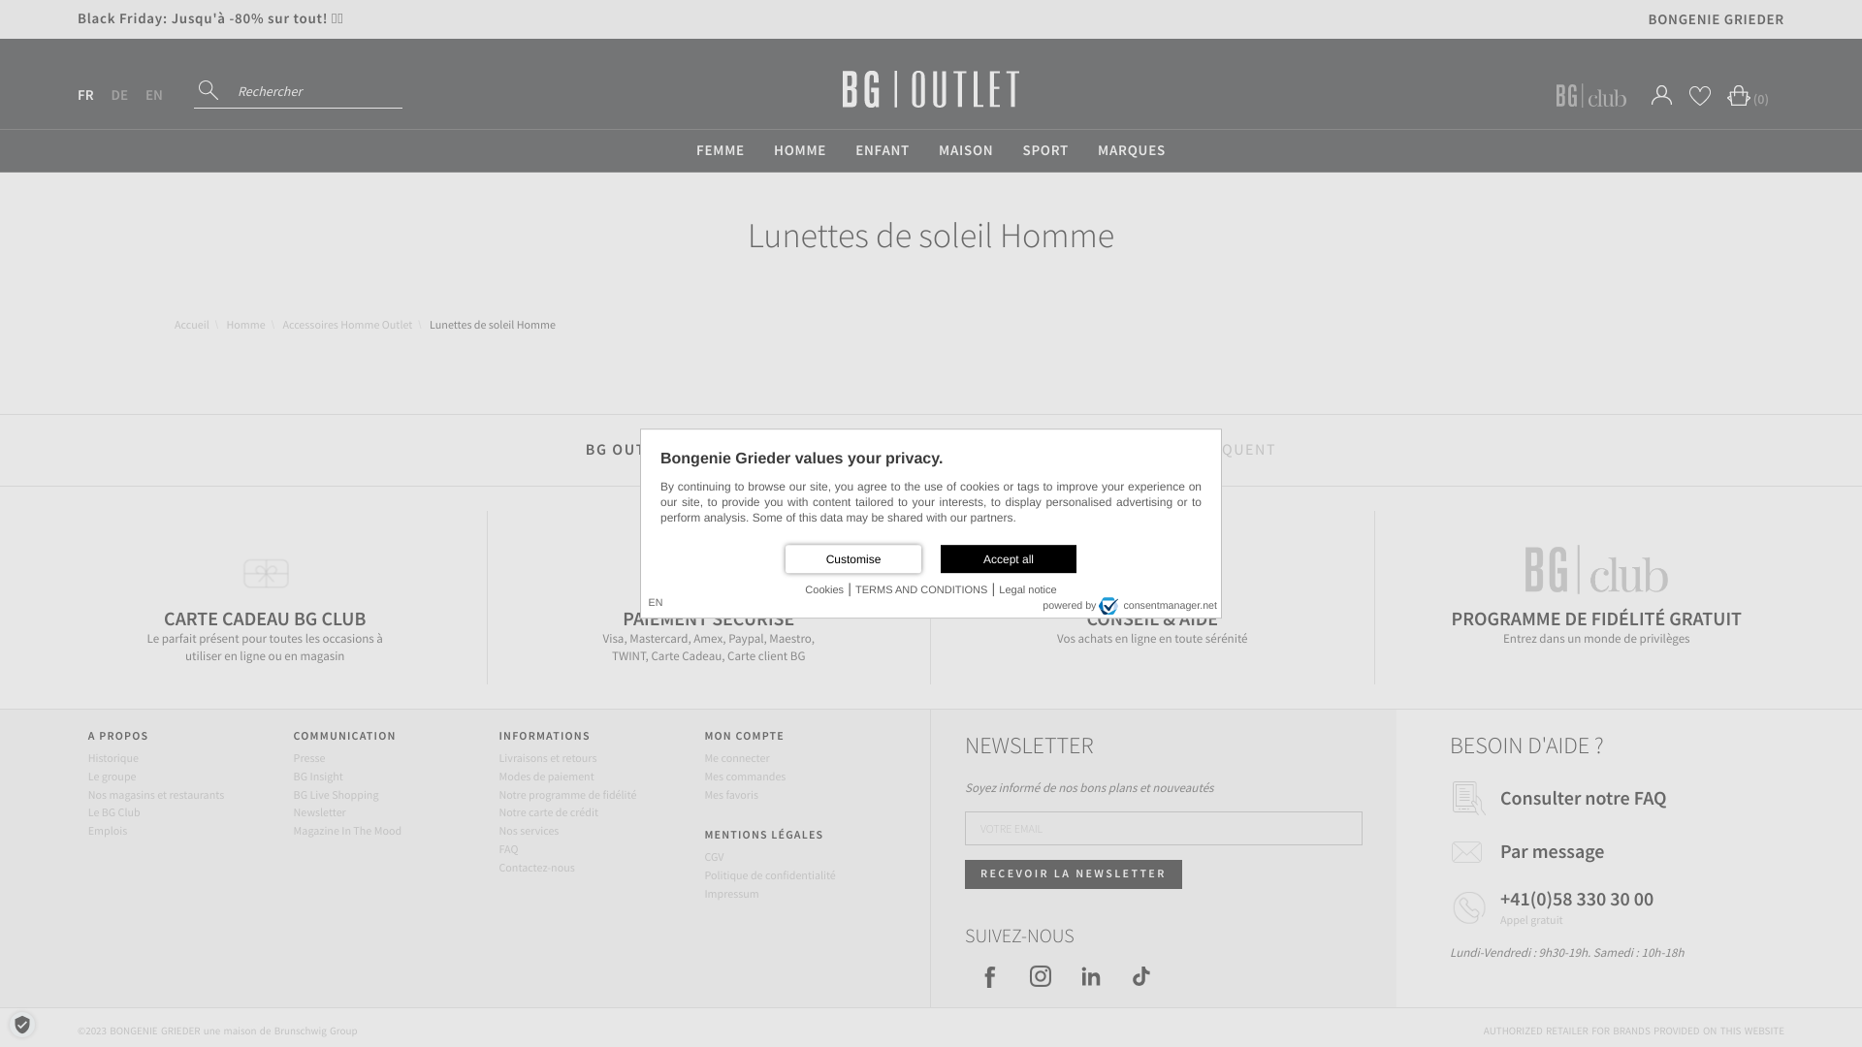 The width and height of the screenshot is (1862, 1047). I want to click on 'consentmanager.net', so click(1098, 604).